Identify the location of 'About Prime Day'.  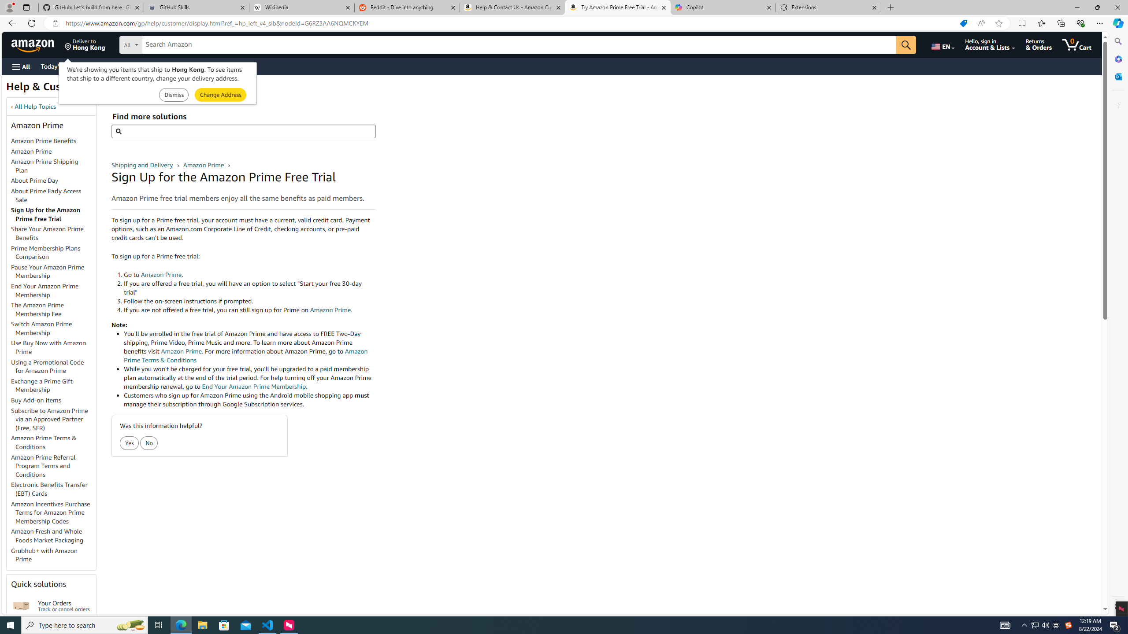
(34, 180).